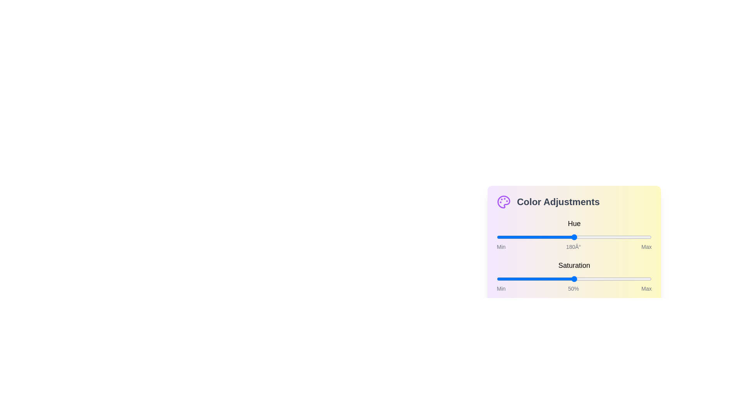 The height and width of the screenshot is (418, 743). What do you see at coordinates (501, 237) in the screenshot?
I see `the hue slider to 10 degrees` at bounding box center [501, 237].